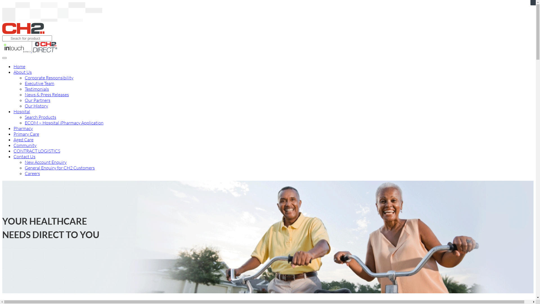 The image size is (540, 304). What do you see at coordinates (36, 151) in the screenshot?
I see `'CONTRACT LOGISTICS'` at bounding box center [36, 151].